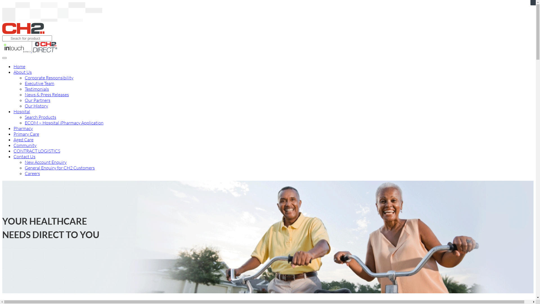 The image size is (540, 304). What do you see at coordinates (36, 151) in the screenshot?
I see `'CONTRACT LOGISTICS'` at bounding box center [36, 151].